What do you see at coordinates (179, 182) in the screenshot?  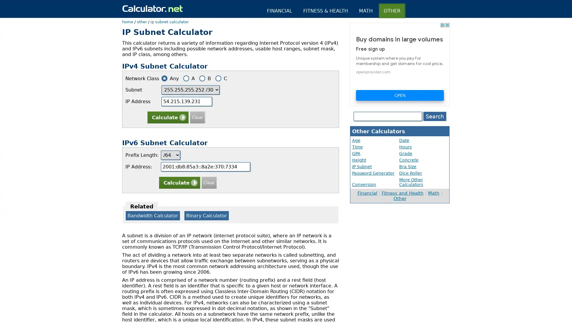 I see `Calculate` at bounding box center [179, 182].